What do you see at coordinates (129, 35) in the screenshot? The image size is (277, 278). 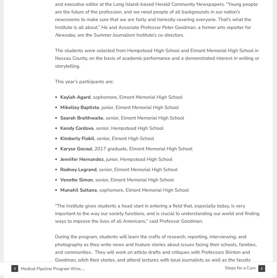 I see `', are the Summer Journalism Institute’s co-directors.'` at bounding box center [129, 35].